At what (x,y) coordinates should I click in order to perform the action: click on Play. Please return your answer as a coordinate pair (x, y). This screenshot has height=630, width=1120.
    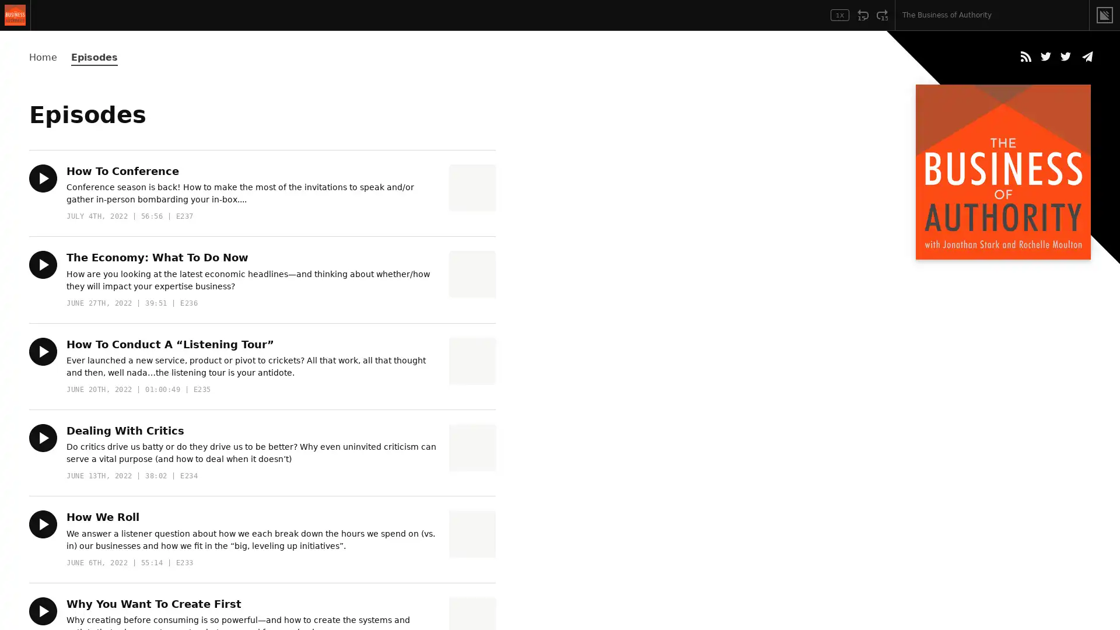
    Looking at the image, I should click on (43, 265).